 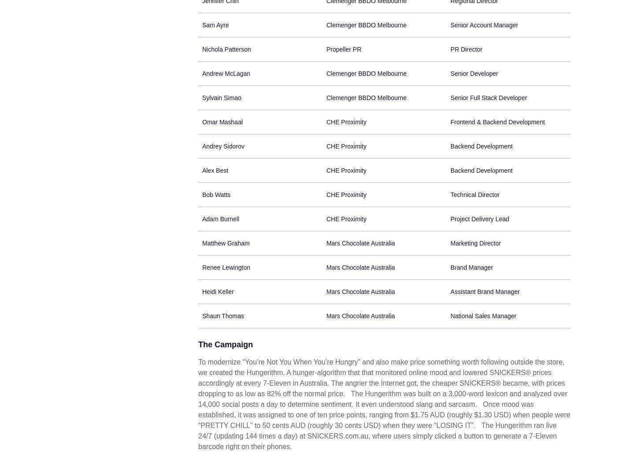 What do you see at coordinates (225, 345) in the screenshot?
I see `'The Campaign'` at bounding box center [225, 345].